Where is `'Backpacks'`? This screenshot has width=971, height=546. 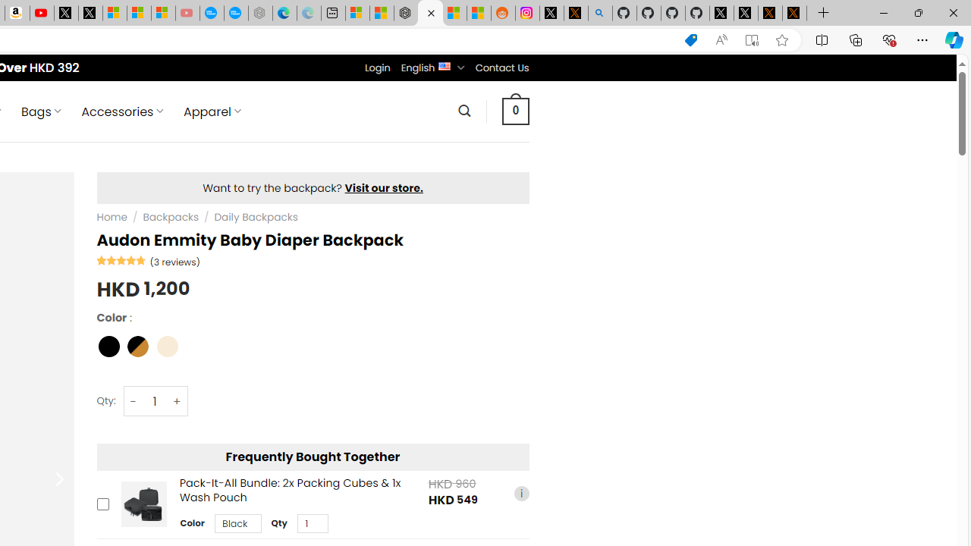 'Backpacks' is located at coordinates (171, 217).